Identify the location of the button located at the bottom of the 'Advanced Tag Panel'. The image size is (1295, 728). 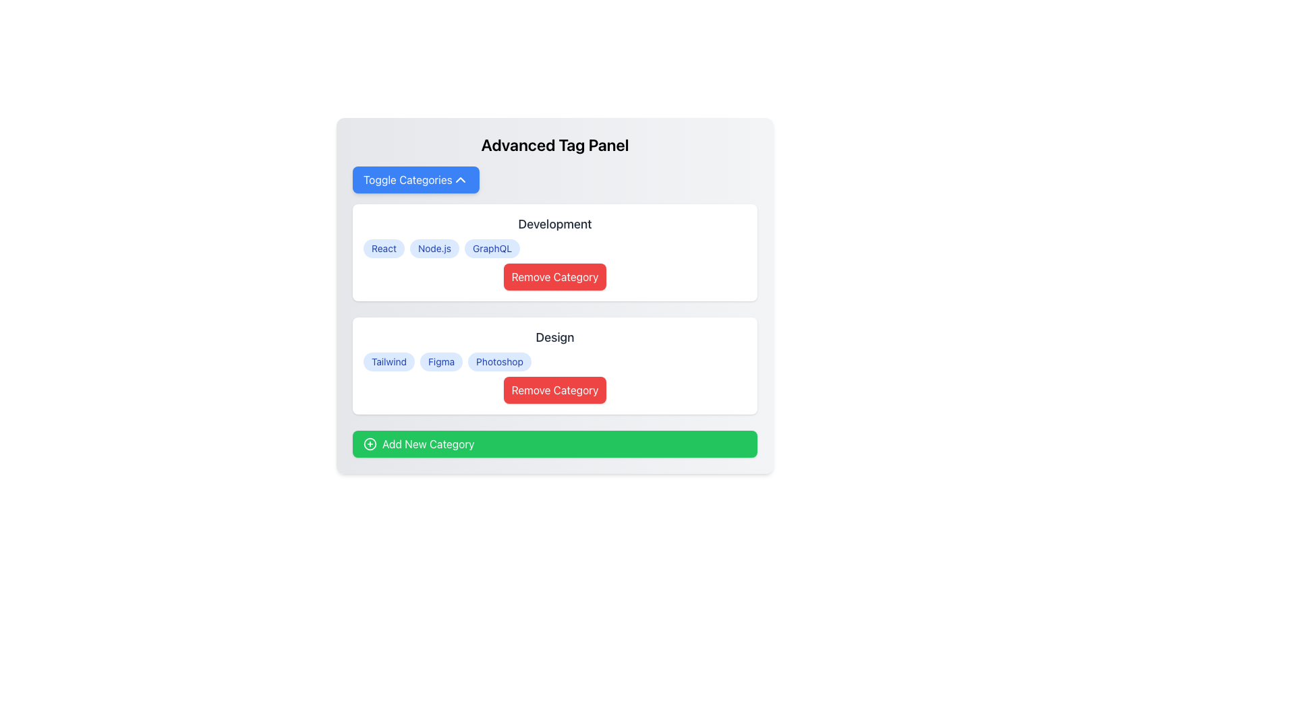
(554, 444).